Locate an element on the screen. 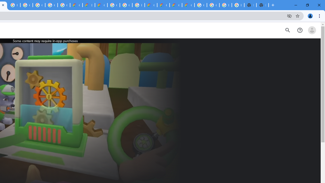 The height and width of the screenshot is (183, 325). 'Google Cloud Service Health' is located at coordinates (188, 5).